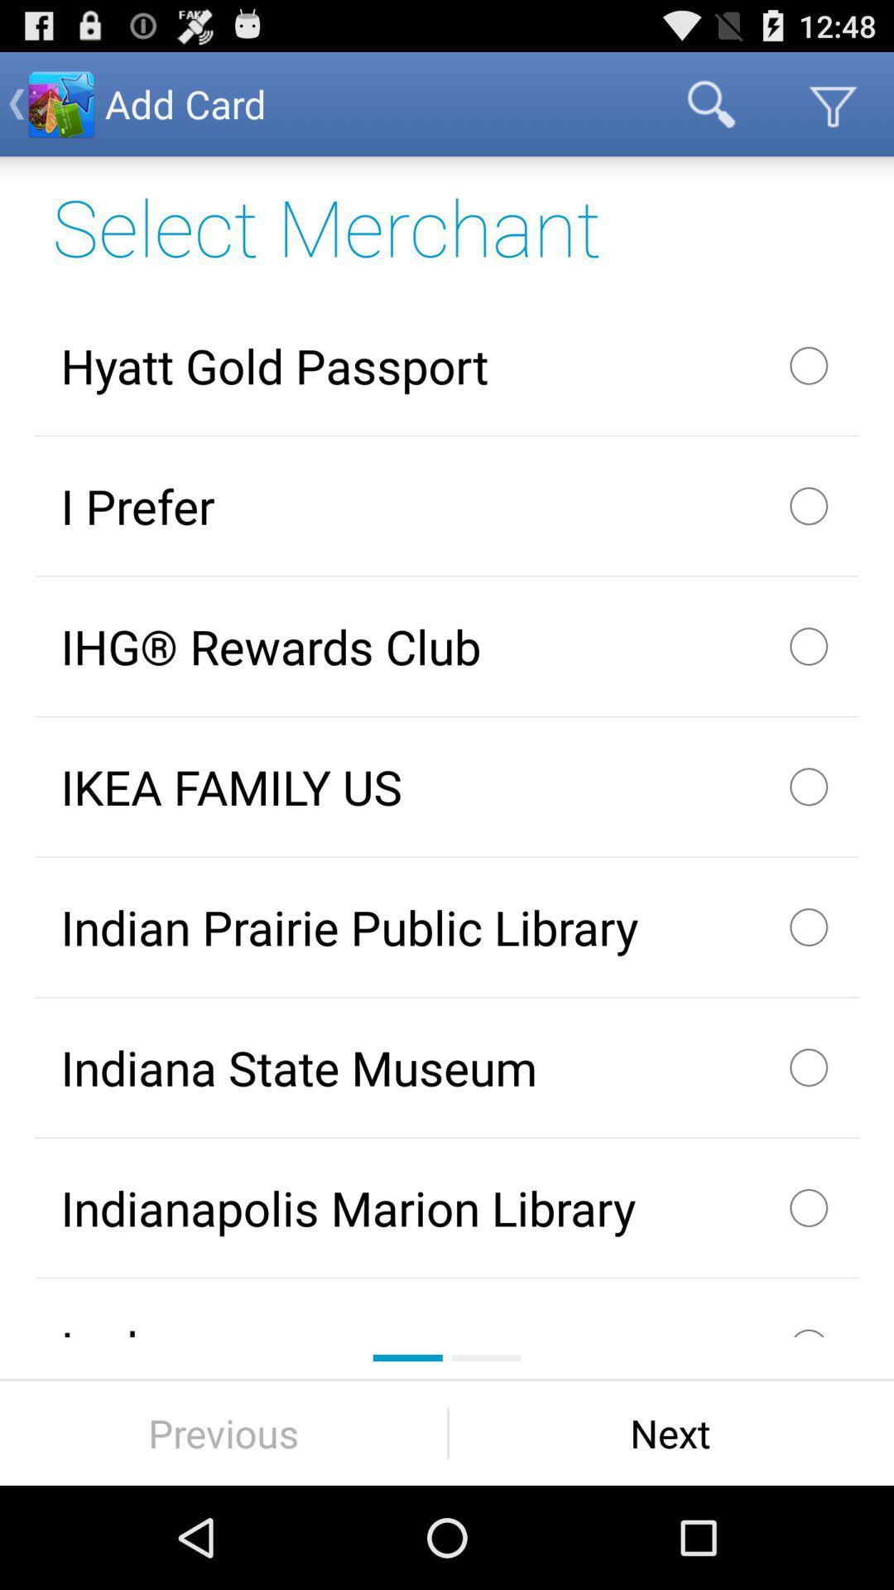 The image size is (894, 1590). What do you see at coordinates (223, 1433) in the screenshot?
I see `the previous` at bounding box center [223, 1433].